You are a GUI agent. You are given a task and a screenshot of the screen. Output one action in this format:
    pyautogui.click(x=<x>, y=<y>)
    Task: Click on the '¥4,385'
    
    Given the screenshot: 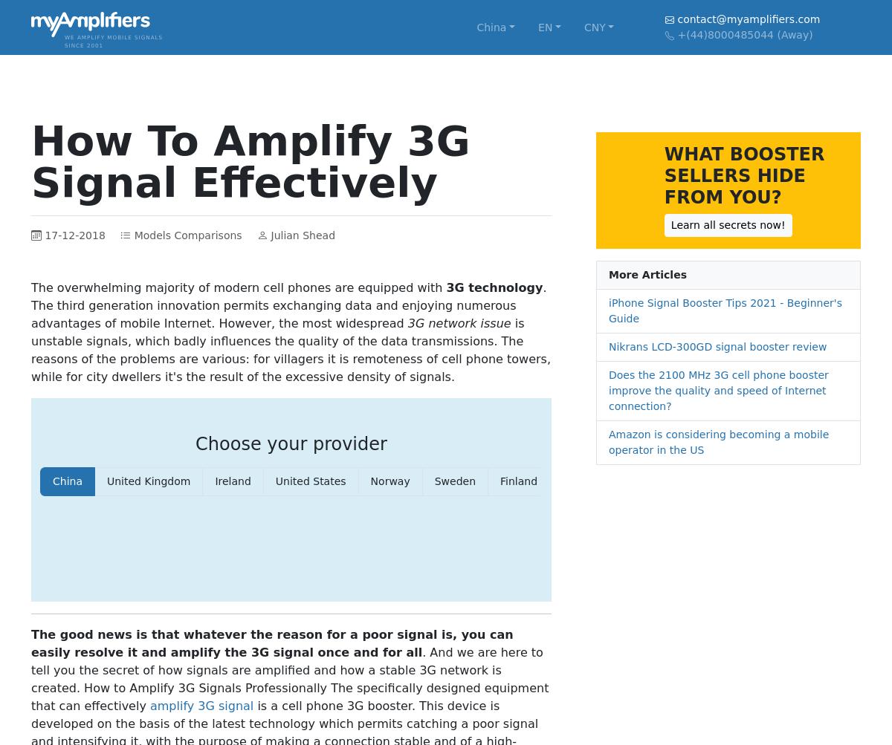 What is the action you would take?
    pyautogui.click(x=487, y=251)
    